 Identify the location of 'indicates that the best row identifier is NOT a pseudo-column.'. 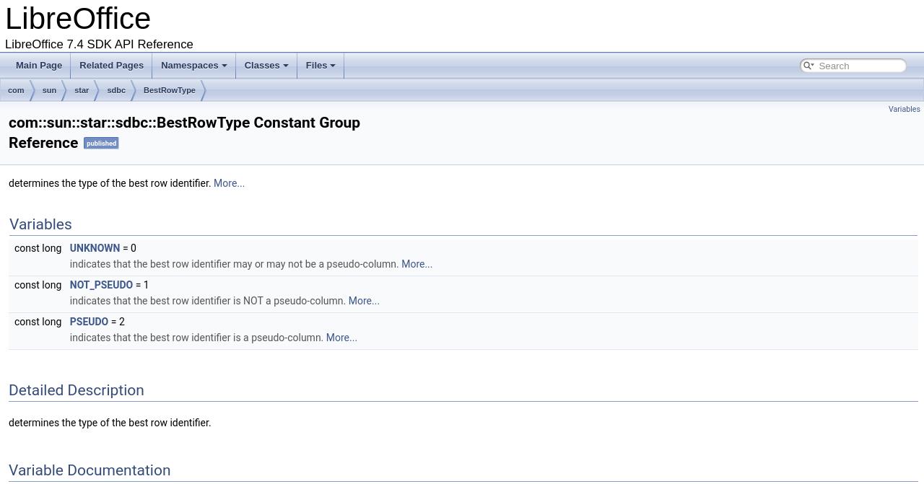
(208, 300).